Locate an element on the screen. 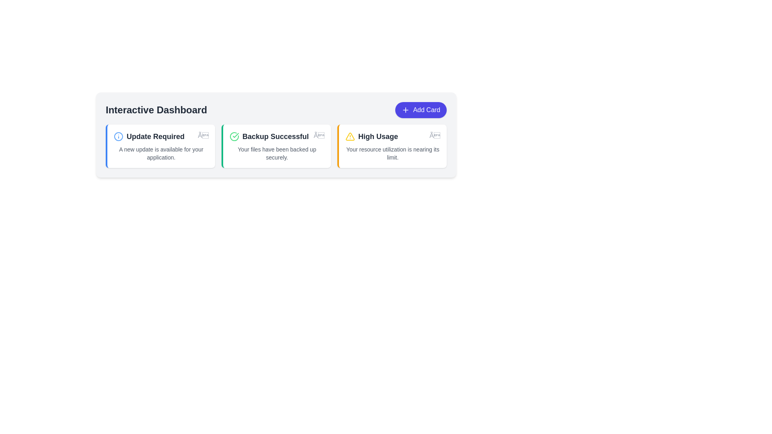 This screenshot has height=434, width=772. the close button represented by a gray multiplication symbol ('×') in the top-right corner of the 'Update Required' card is located at coordinates (203, 135).